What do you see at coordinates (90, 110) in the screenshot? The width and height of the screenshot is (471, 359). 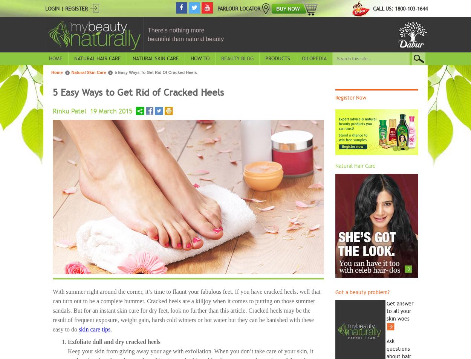 I see `'19 March 2015'` at bounding box center [90, 110].